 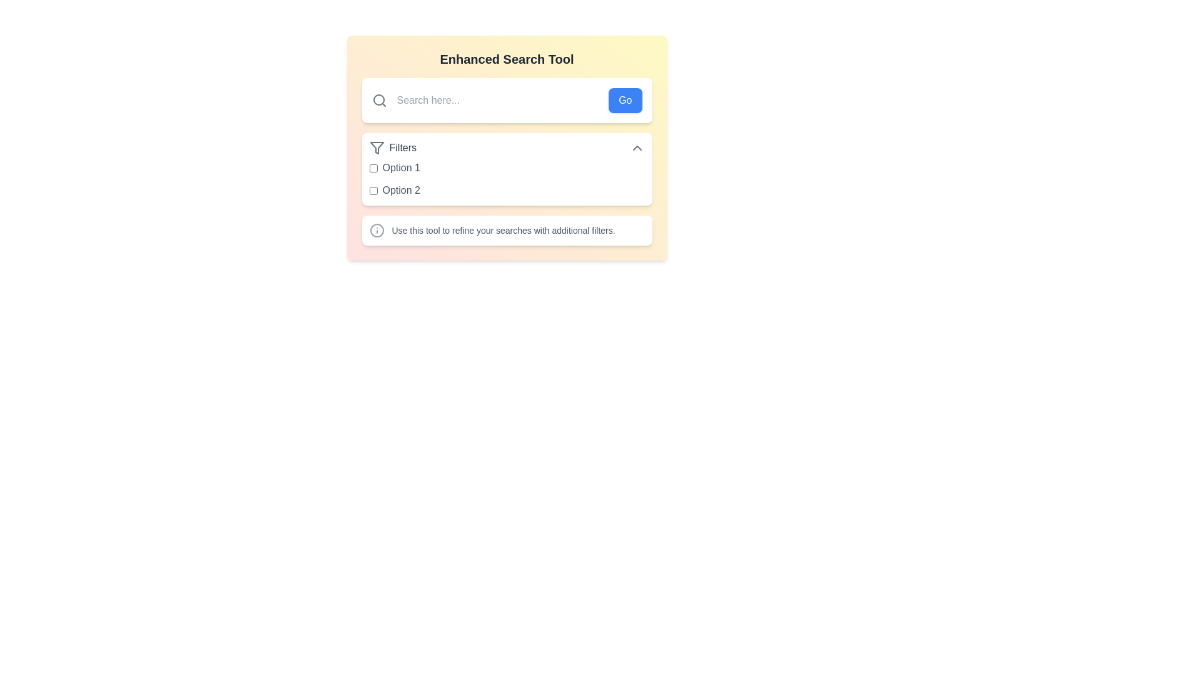 What do you see at coordinates (376, 147) in the screenshot?
I see `the filter icon located at the top-left corner of the 'Filters' label to view additional details` at bounding box center [376, 147].